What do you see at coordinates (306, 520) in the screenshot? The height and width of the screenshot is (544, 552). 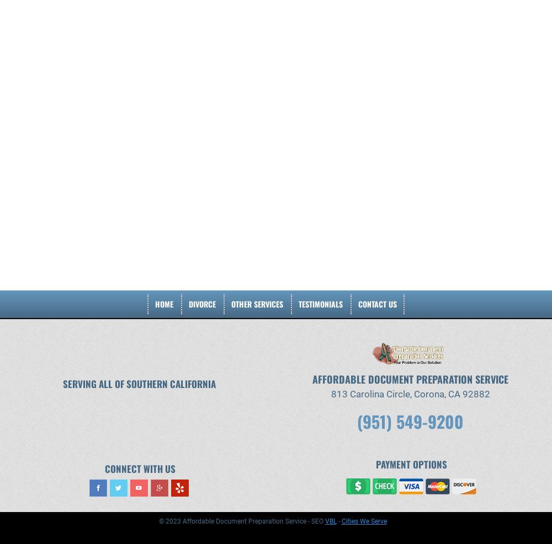 I see `'- SEO'` at bounding box center [306, 520].